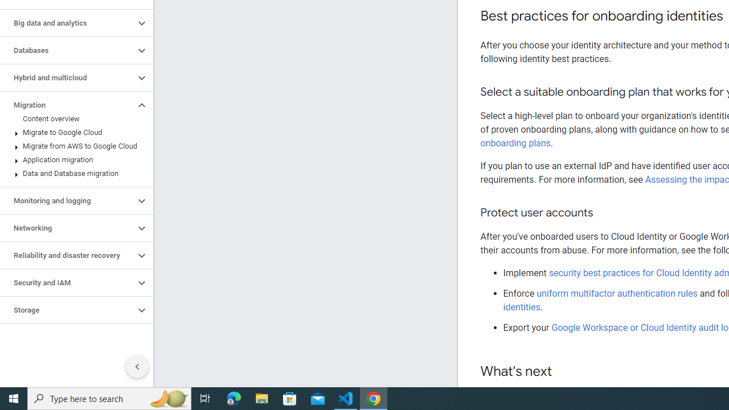 Image resolution: width=729 pixels, height=410 pixels. Describe the element at coordinates (73, 160) in the screenshot. I see `'Application migration'` at that location.